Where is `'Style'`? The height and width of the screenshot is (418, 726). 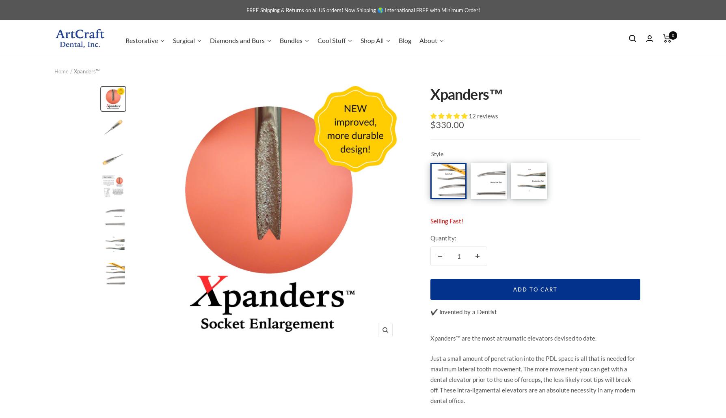
'Style' is located at coordinates (437, 153).